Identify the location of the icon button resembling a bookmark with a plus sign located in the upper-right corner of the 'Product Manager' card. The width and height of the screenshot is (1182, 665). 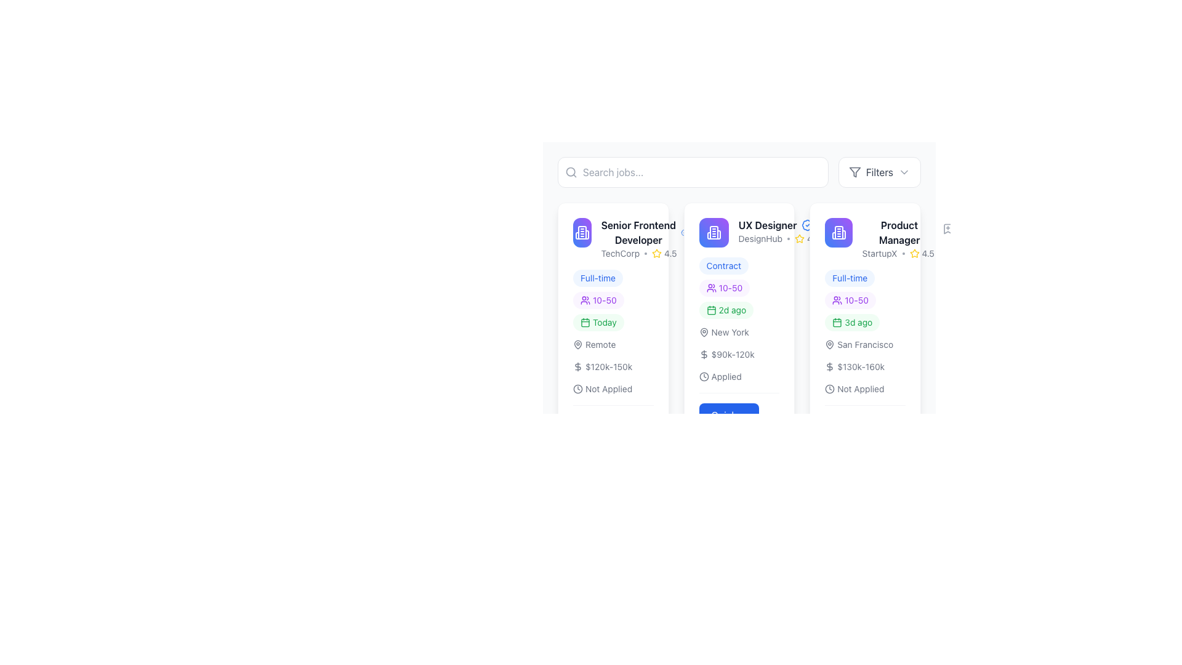
(947, 228).